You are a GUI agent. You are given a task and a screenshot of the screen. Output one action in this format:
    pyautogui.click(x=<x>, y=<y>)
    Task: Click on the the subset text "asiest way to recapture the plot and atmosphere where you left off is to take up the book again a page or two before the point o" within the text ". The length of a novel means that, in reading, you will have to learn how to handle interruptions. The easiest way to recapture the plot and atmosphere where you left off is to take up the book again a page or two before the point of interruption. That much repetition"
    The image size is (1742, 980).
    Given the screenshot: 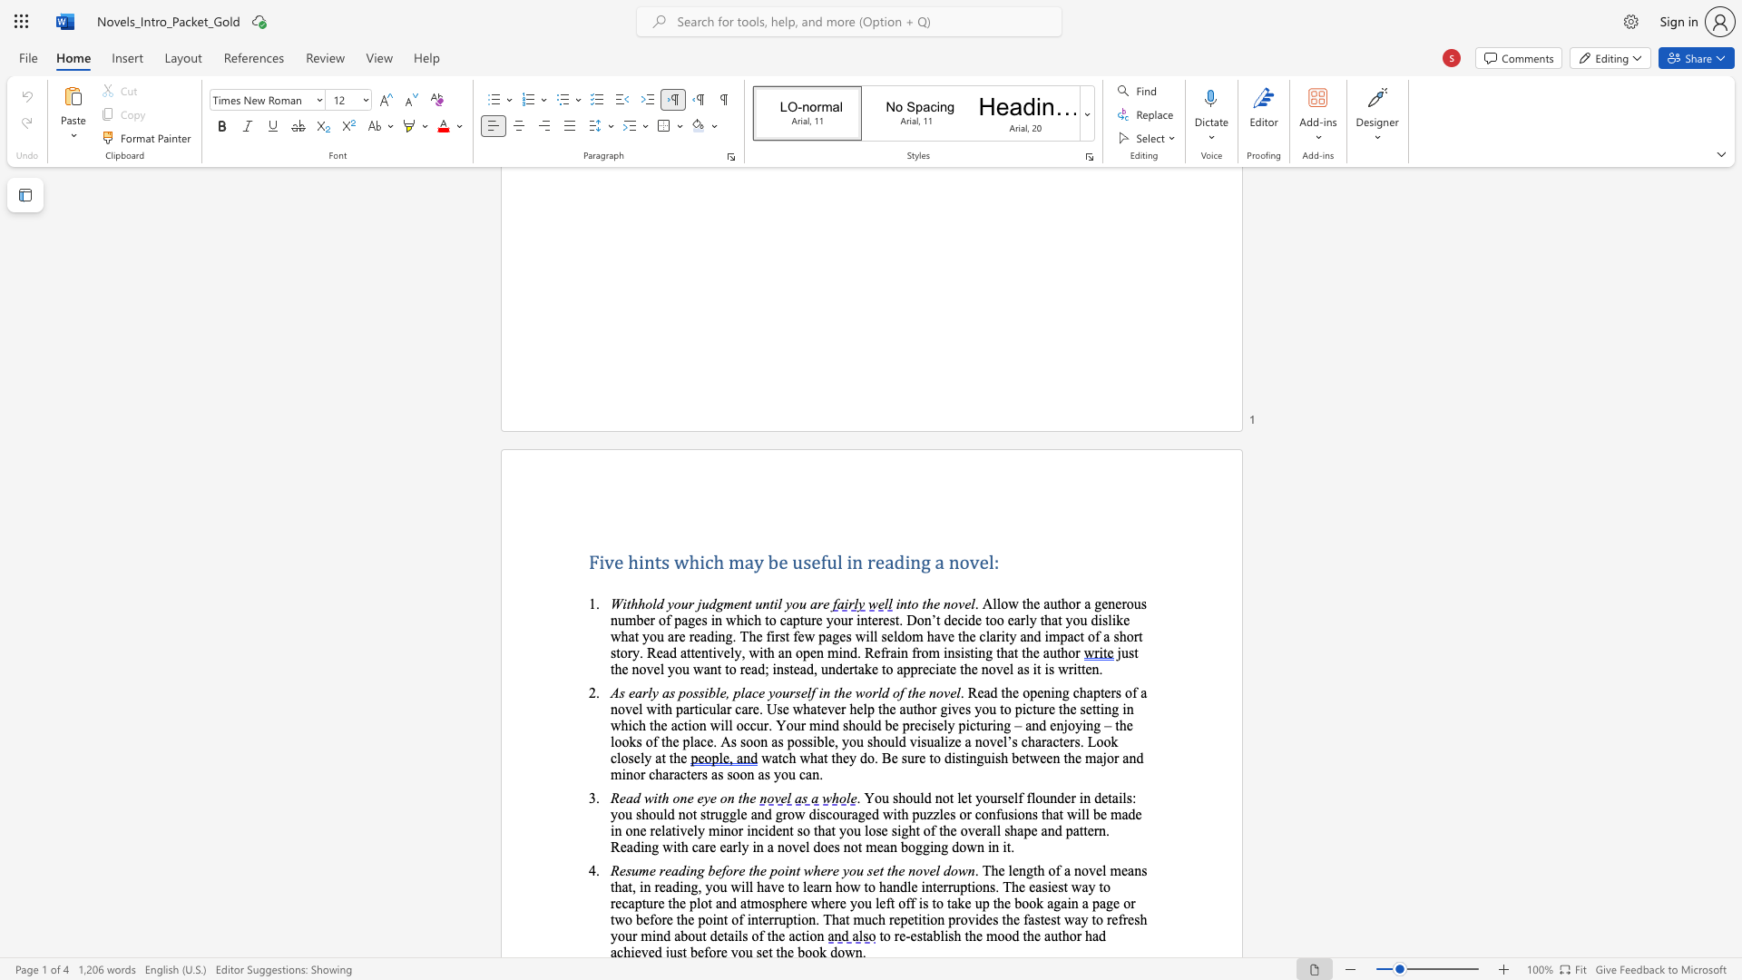 What is the action you would take?
    pyautogui.click(x=1035, y=886)
    